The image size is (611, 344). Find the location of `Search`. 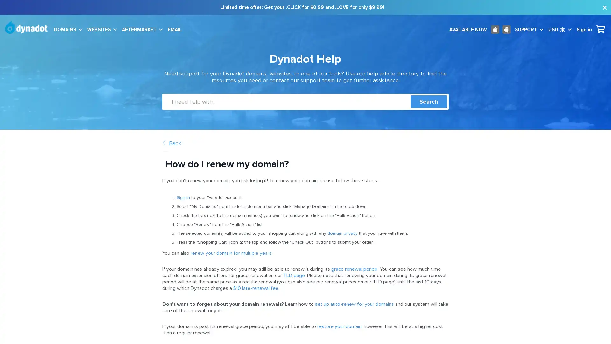

Search is located at coordinates (429, 101).